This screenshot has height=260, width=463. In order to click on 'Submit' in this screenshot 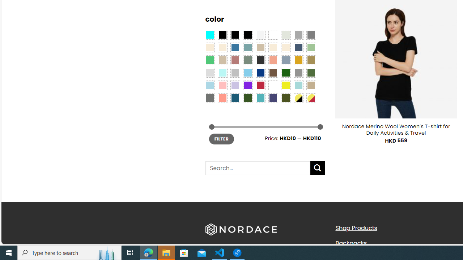, I will do `click(318, 168)`.